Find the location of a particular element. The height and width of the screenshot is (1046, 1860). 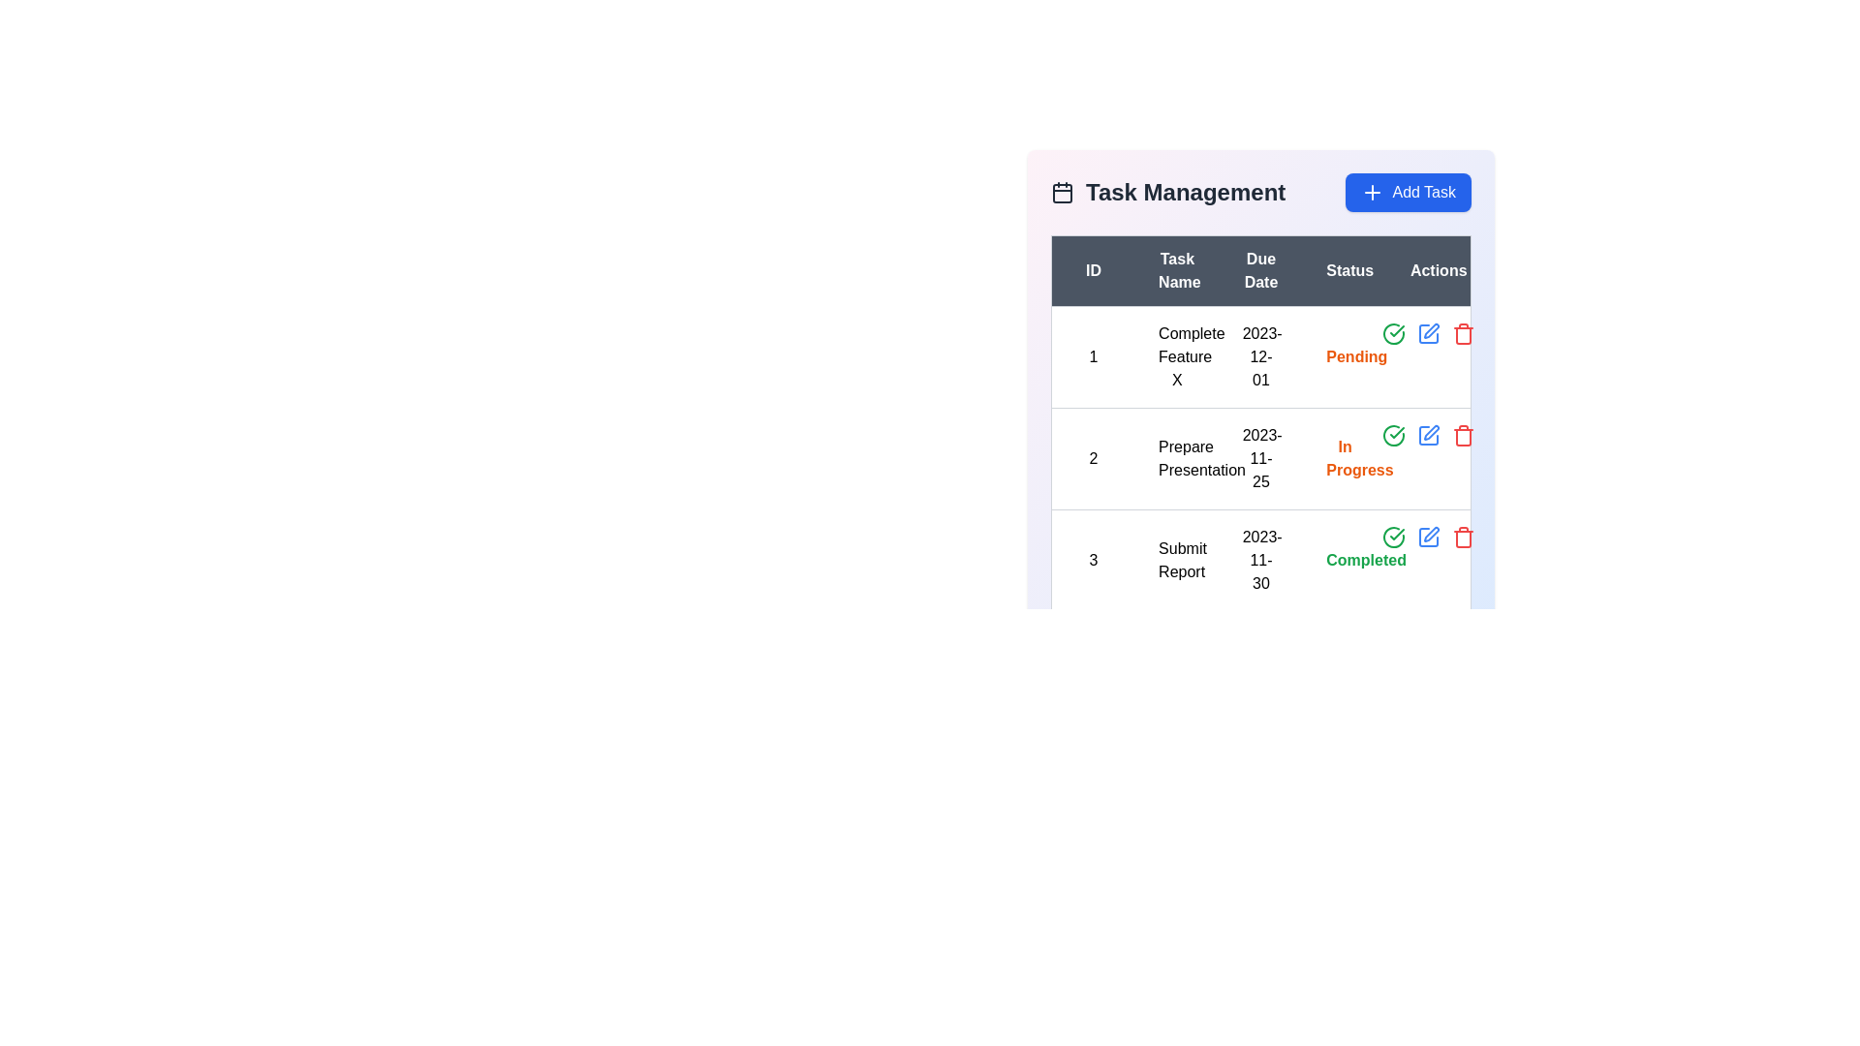

the 'Status' header cell in the table, which is the fourth column header, displayed in white text on a dark gray background is located at coordinates (1344, 271).